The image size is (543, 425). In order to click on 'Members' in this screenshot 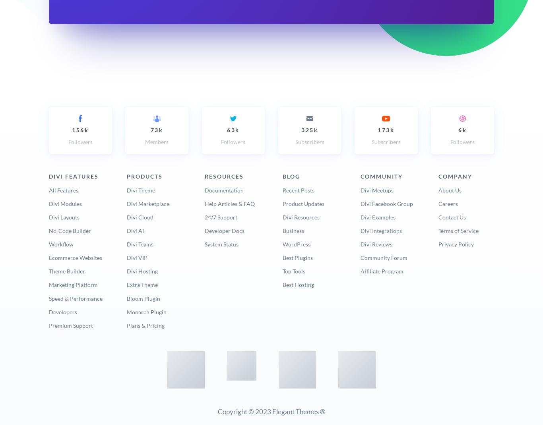, I will do `click(156, 141)`.